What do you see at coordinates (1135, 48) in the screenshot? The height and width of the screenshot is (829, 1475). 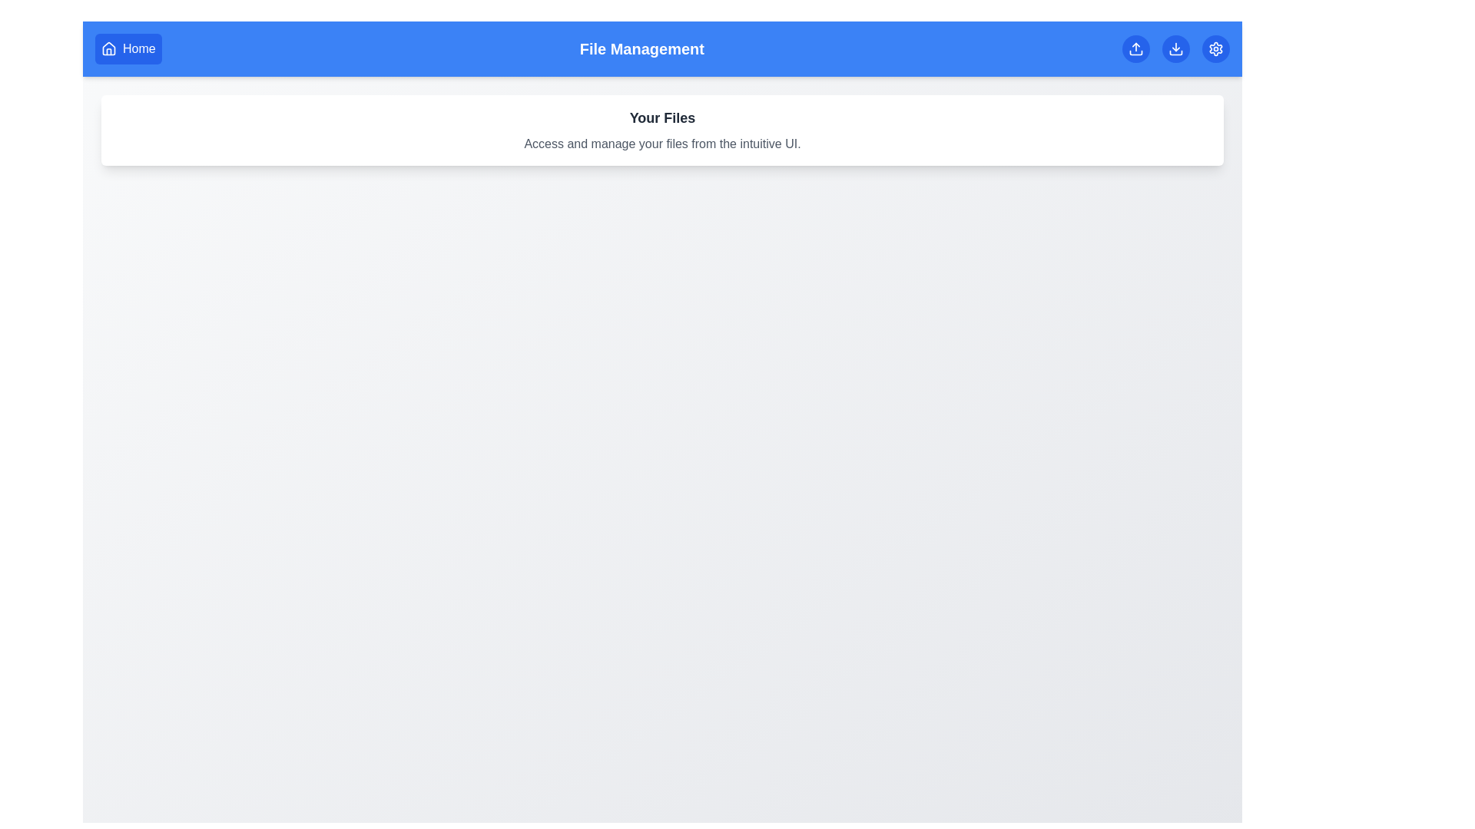 I see `the Upload button to initiate the file upload process` at bounding box center [1135, 48].